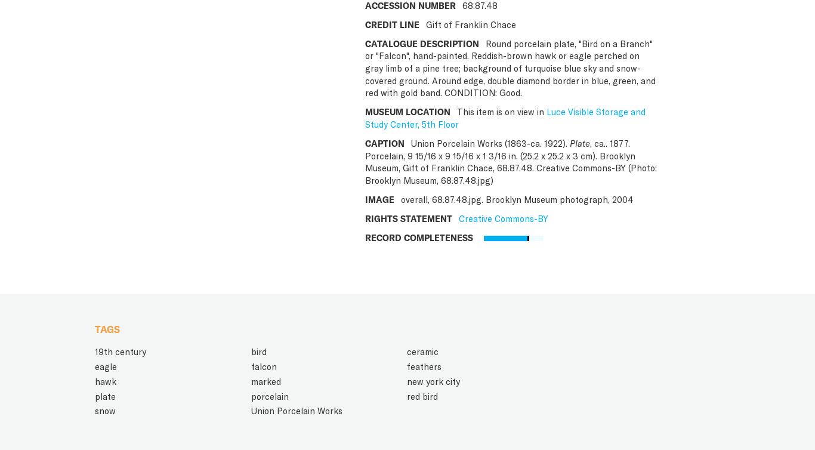 This screenshot has width=815, height=450. What do you see at coordinates (105, 381) in the screenshot?
I see `'hawk'` at bounding box center [105, 381].